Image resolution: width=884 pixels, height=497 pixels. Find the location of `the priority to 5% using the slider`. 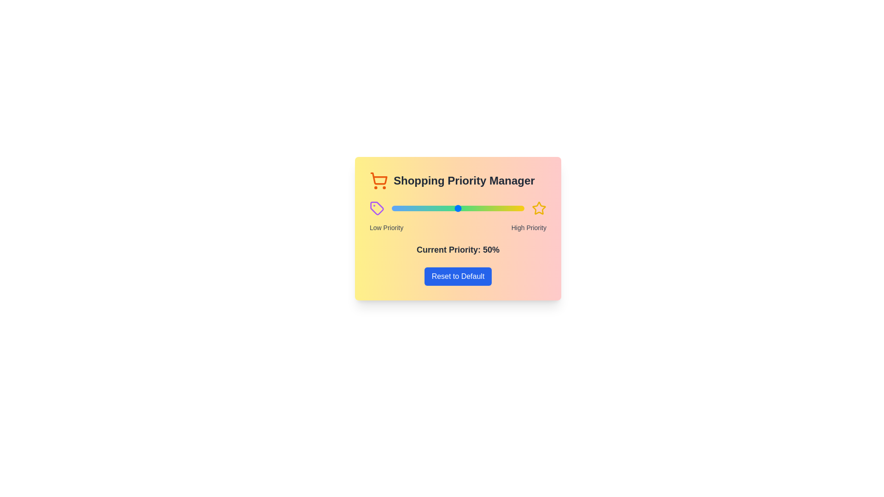

the priority to 5% using the slider is located at coordinates (398, 208).